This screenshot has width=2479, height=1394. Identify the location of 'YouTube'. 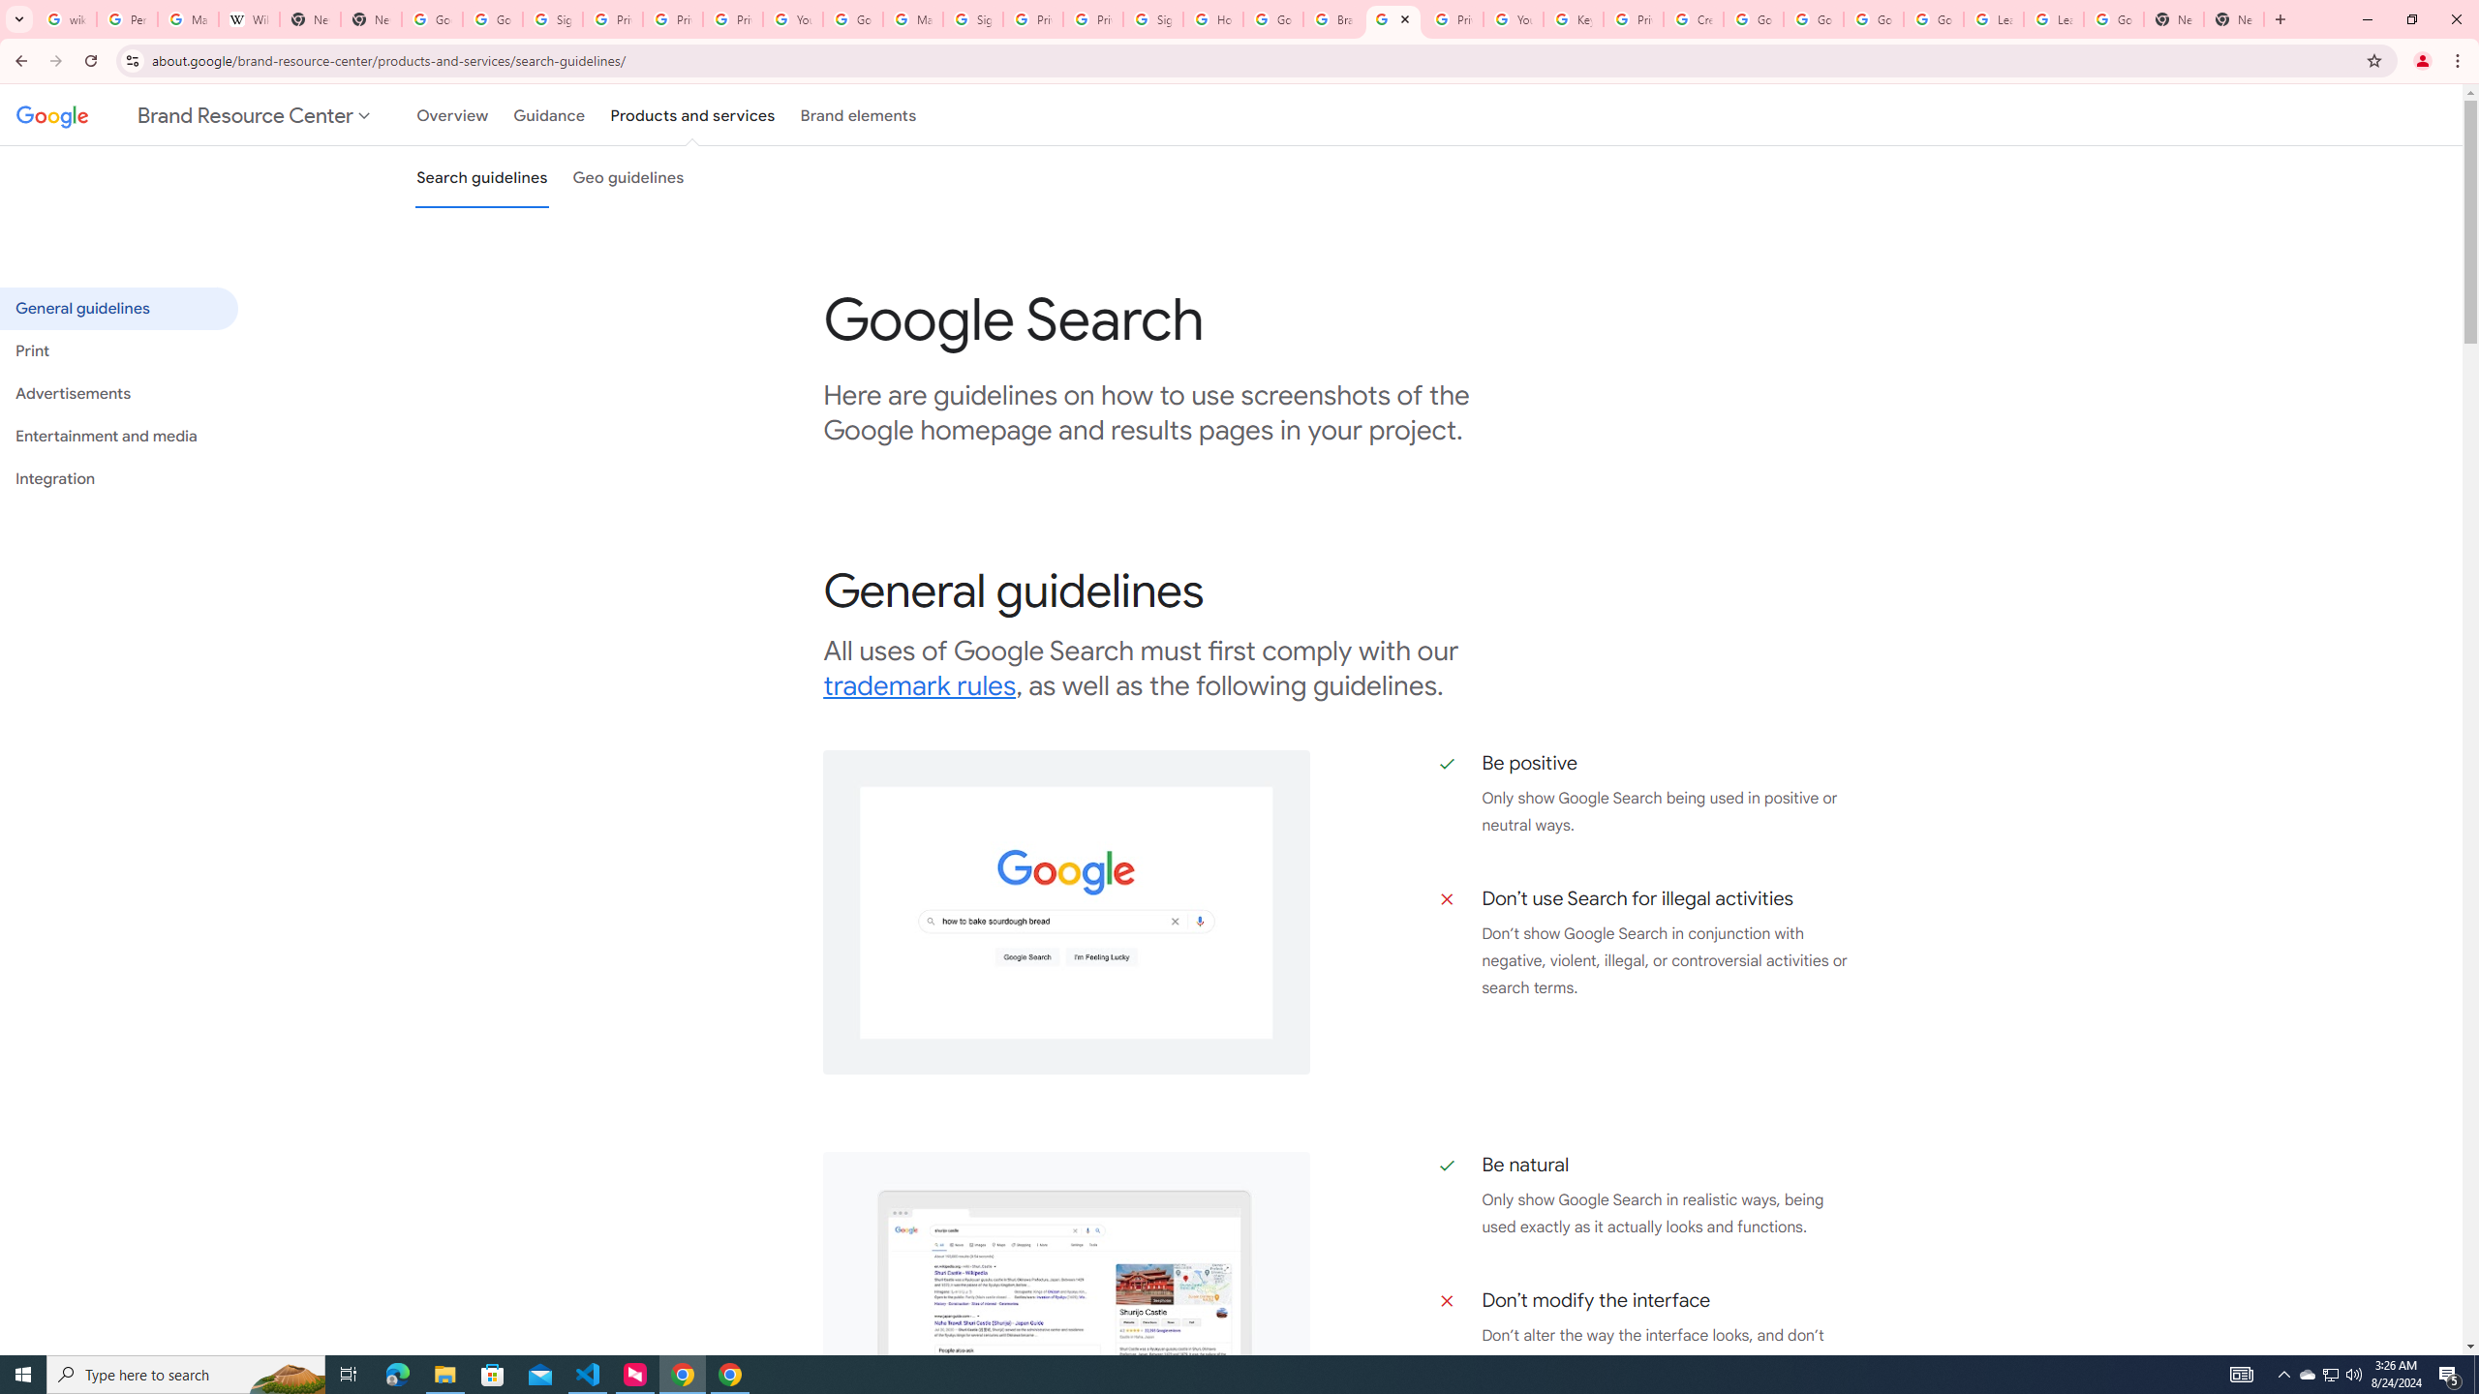
(793, 18).